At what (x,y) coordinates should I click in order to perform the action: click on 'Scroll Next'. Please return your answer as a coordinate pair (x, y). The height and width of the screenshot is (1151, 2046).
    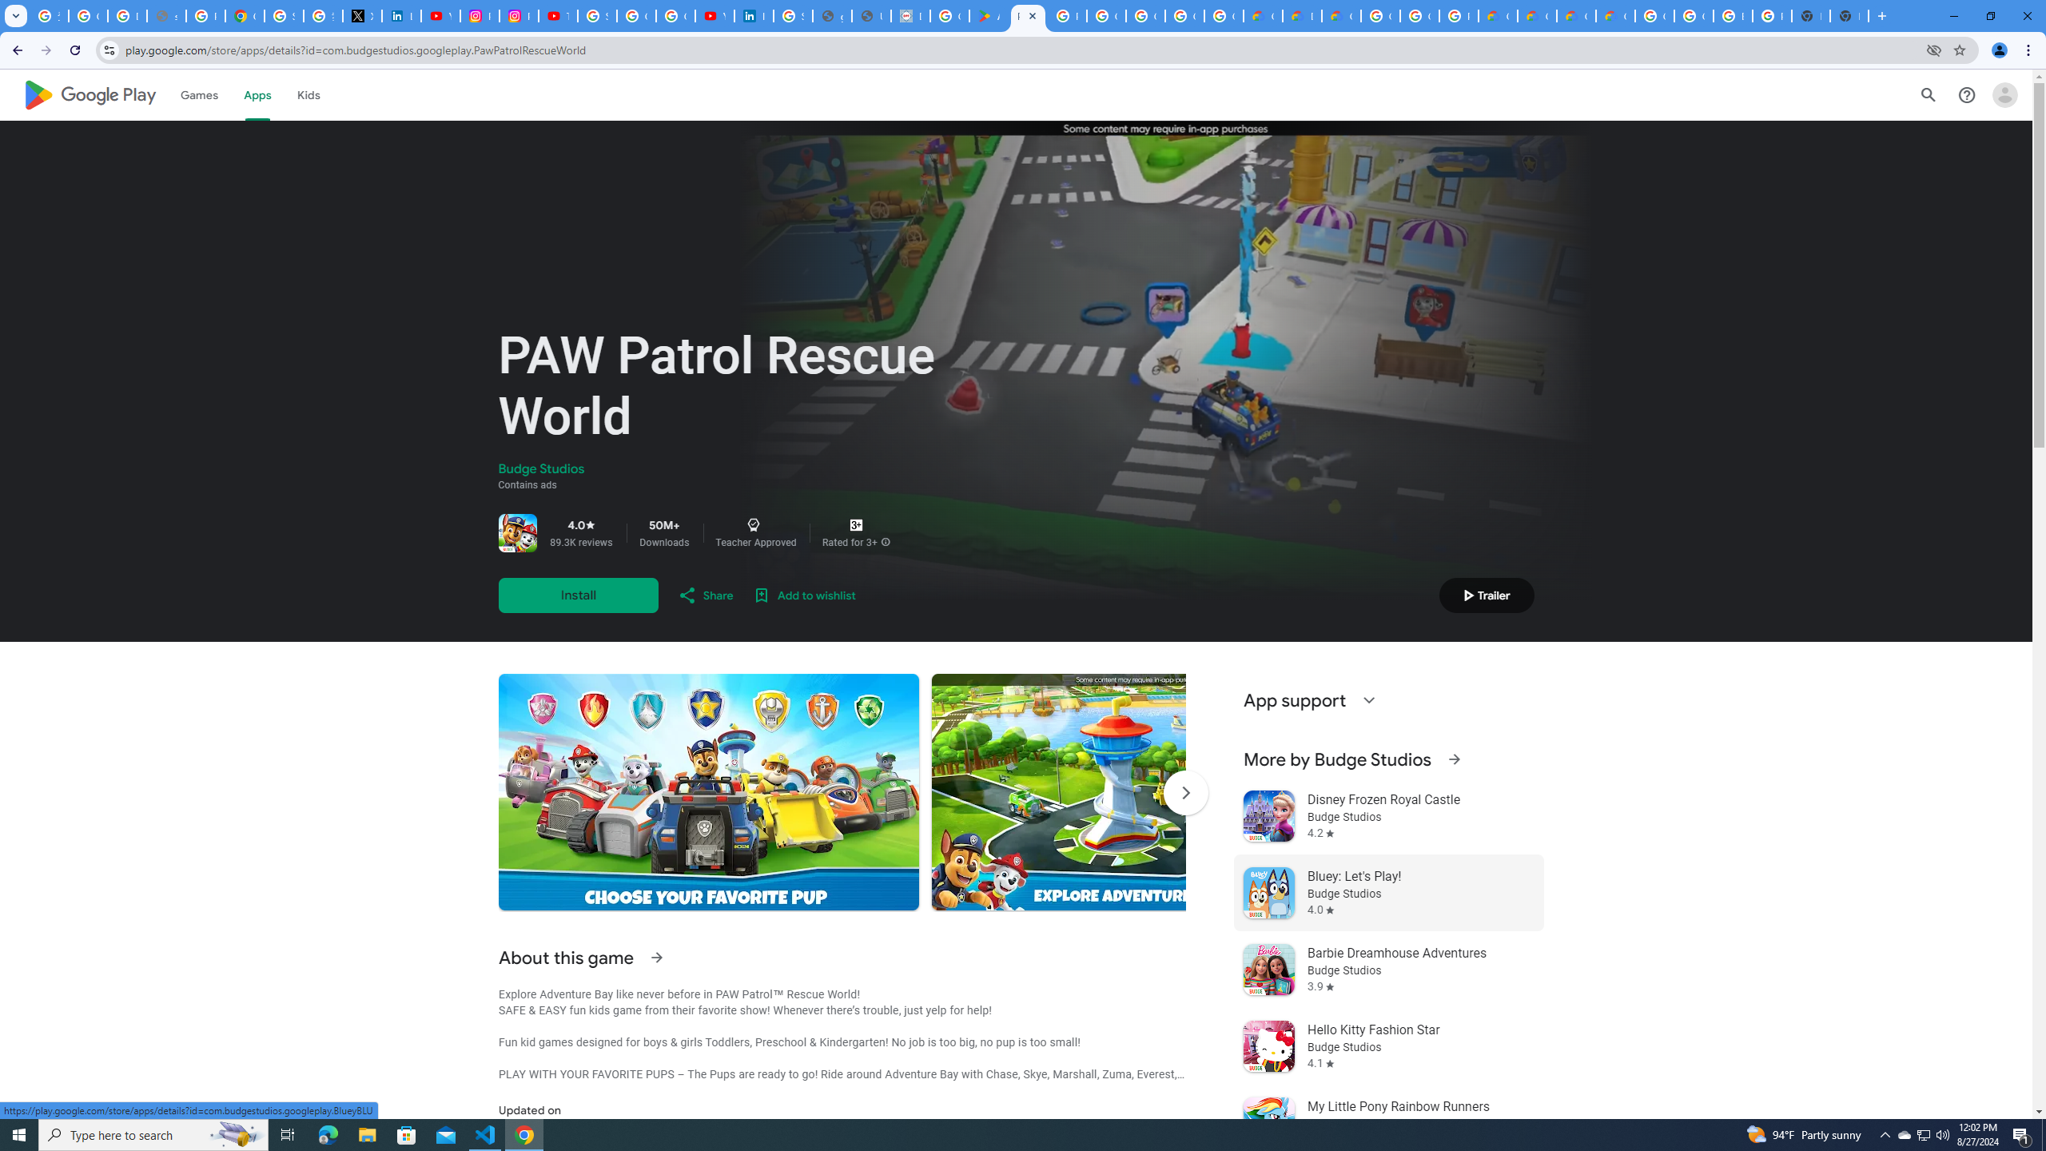
    Looking at the image, I should click on (1185, 792).